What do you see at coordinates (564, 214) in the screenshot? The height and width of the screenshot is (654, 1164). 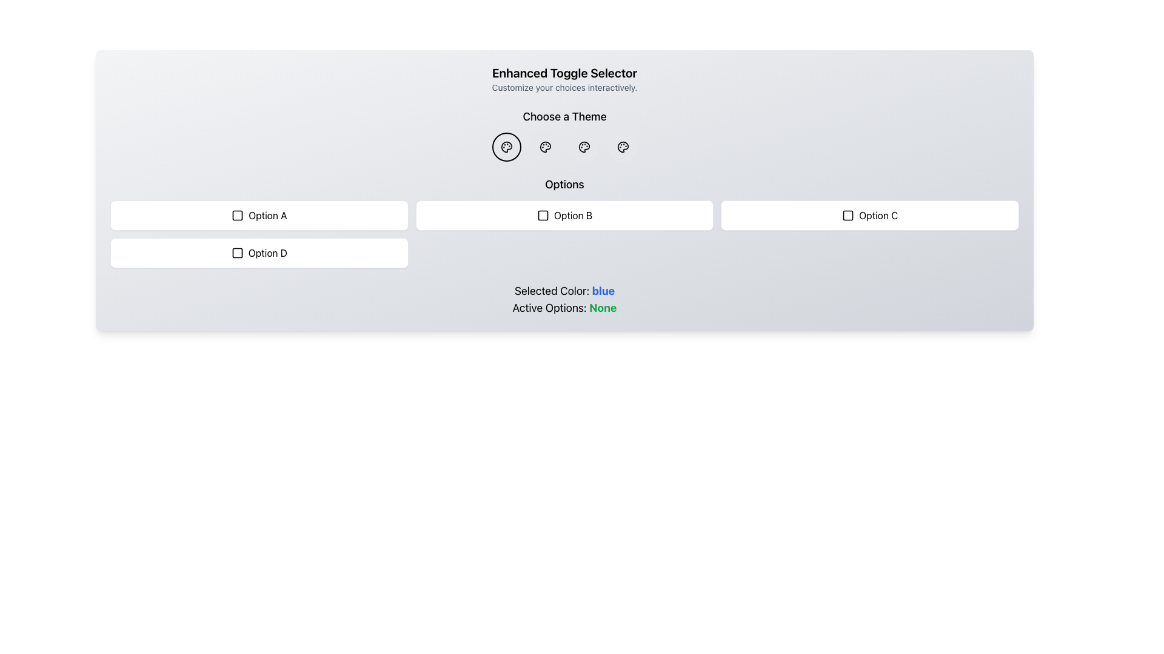 I see `the checkbox labeled 'Option B' to check it` at bounding box center [564, 214].